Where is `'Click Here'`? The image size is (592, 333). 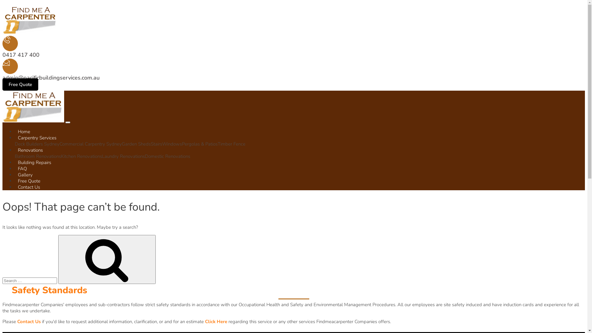 'Click Here' is located at coordinates (216, 321).